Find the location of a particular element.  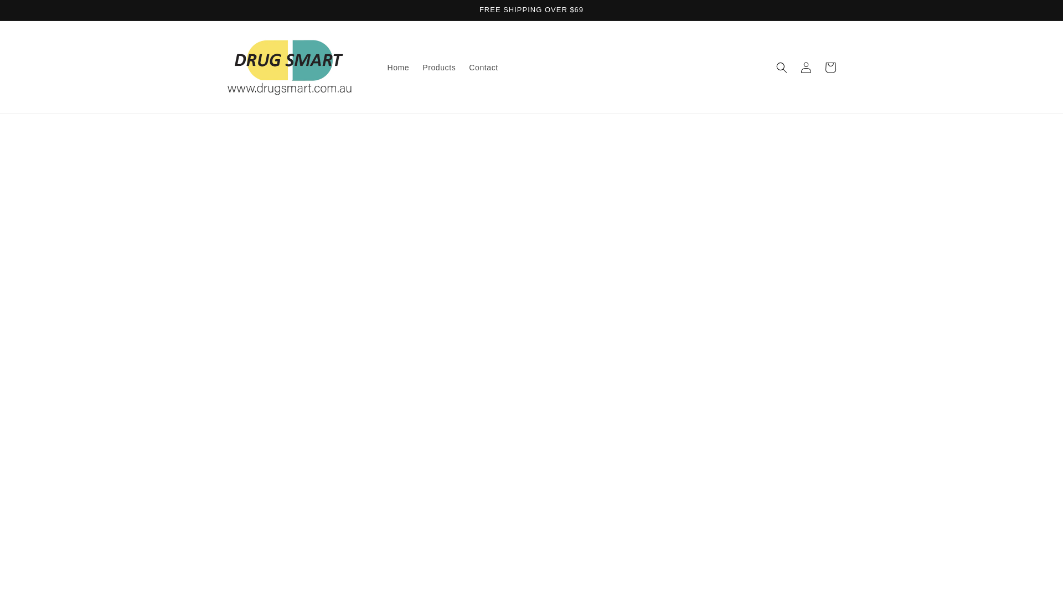

'Contact' is located at coordinates (483, 68).